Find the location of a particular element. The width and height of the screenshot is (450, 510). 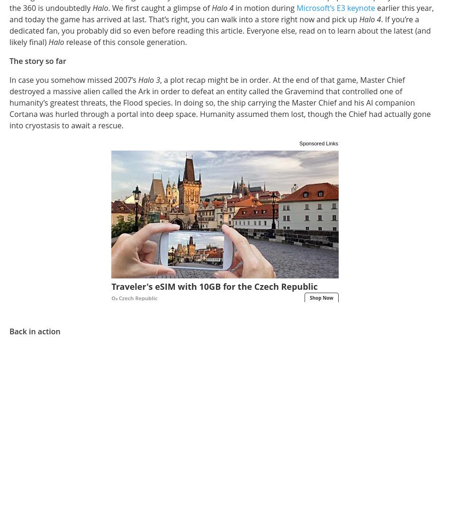

'in motion during' is located at coordinates (265, 7).